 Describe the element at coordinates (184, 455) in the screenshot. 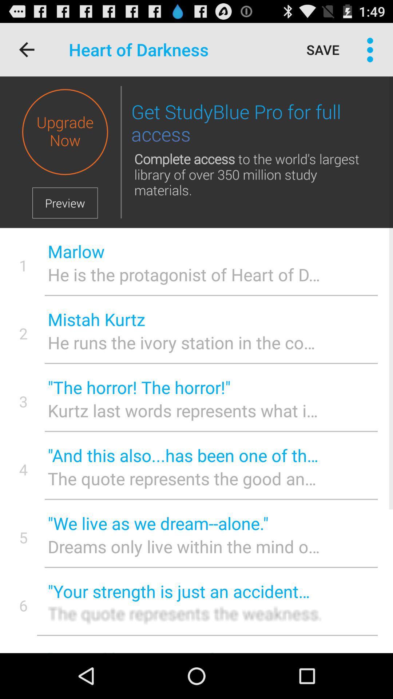

I see `icon above the quote represents` at that location.